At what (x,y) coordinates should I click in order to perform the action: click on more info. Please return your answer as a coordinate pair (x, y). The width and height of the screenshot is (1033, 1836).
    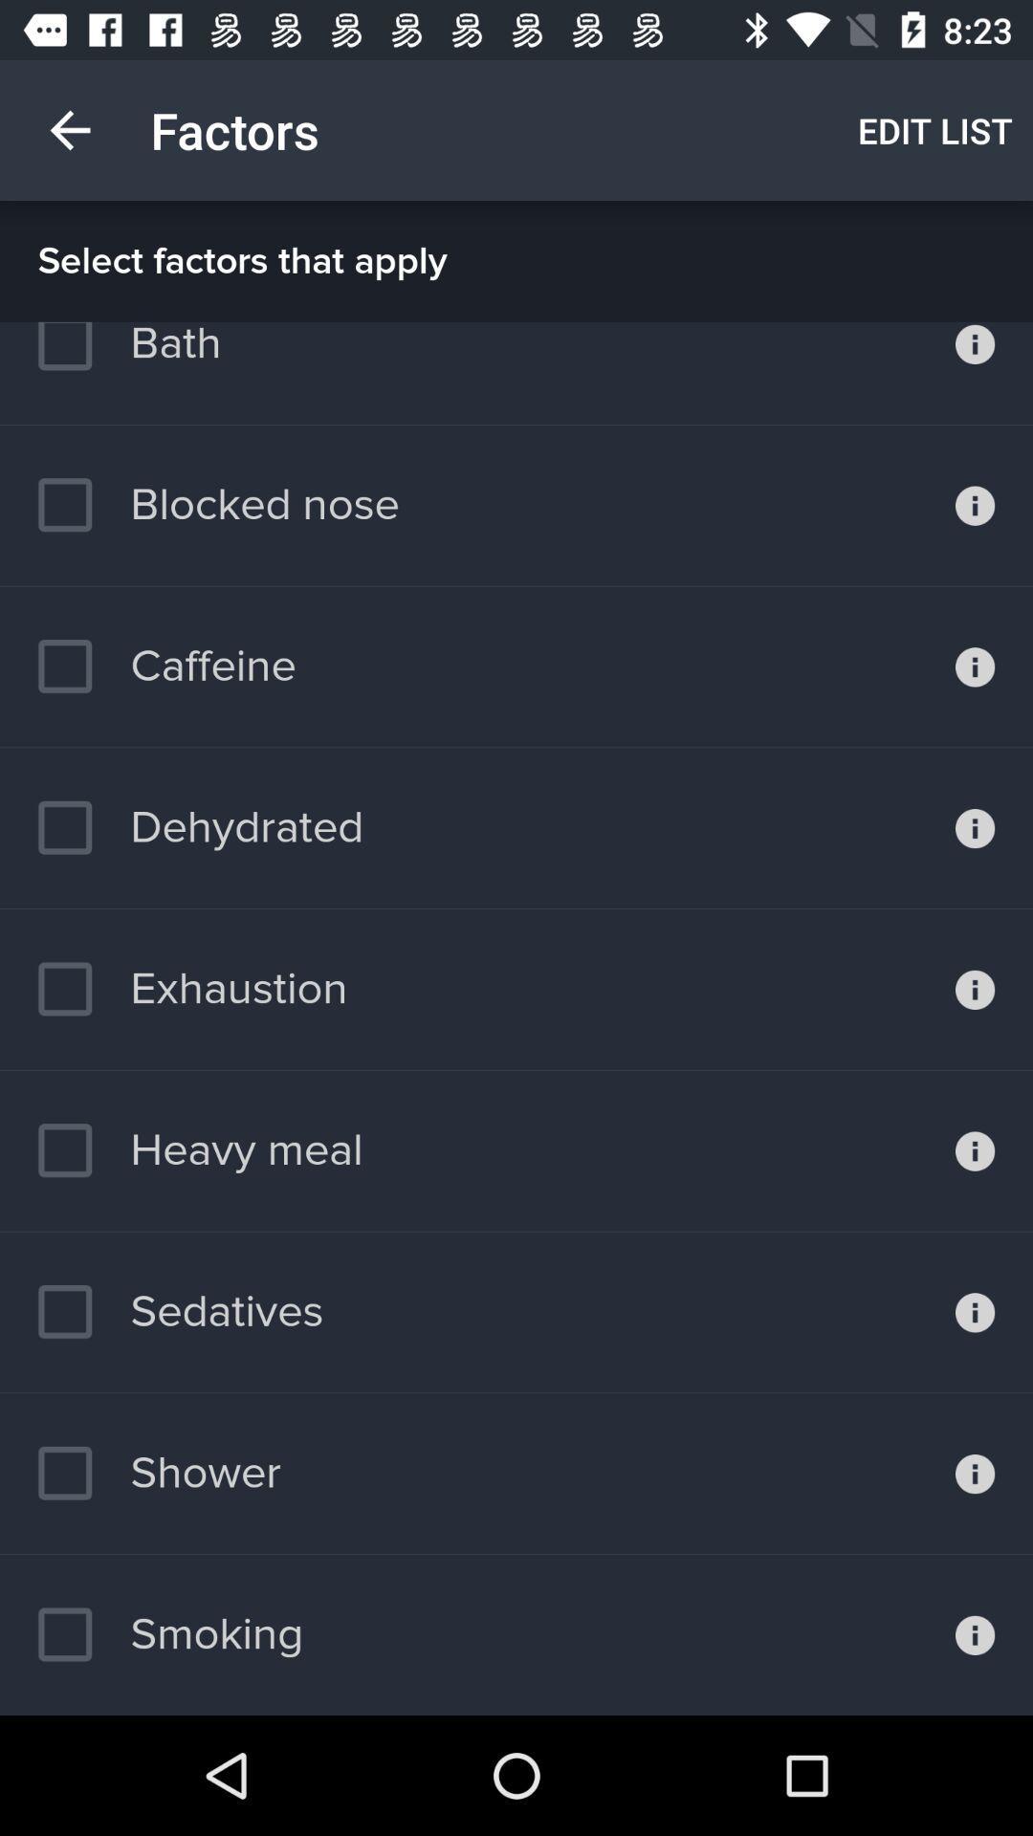
    Looking at the image, I should click on (975, 667).